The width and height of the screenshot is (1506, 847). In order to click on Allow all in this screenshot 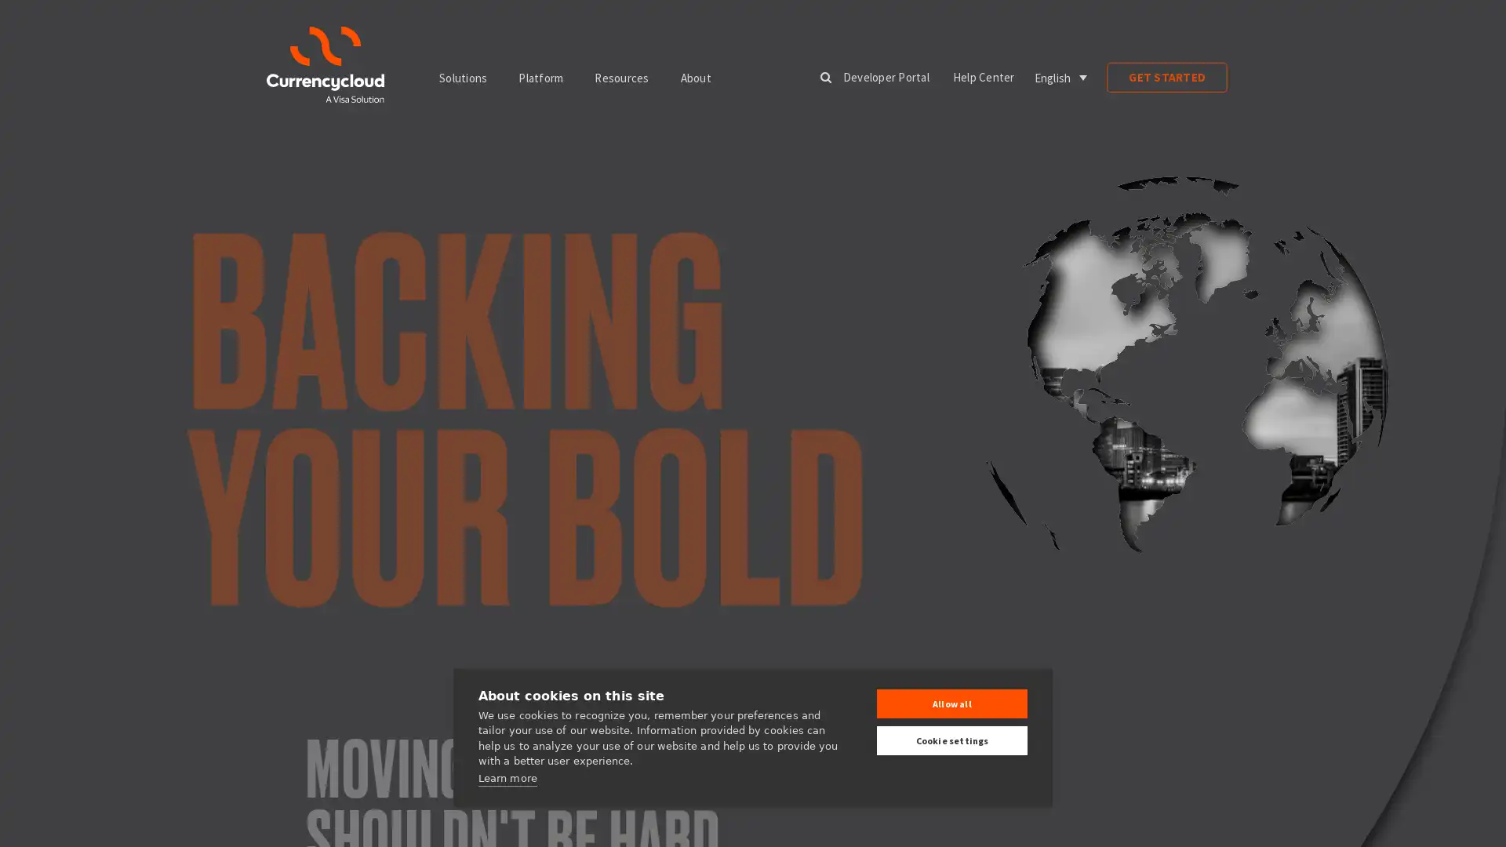, I will do `click(951, 703)`.